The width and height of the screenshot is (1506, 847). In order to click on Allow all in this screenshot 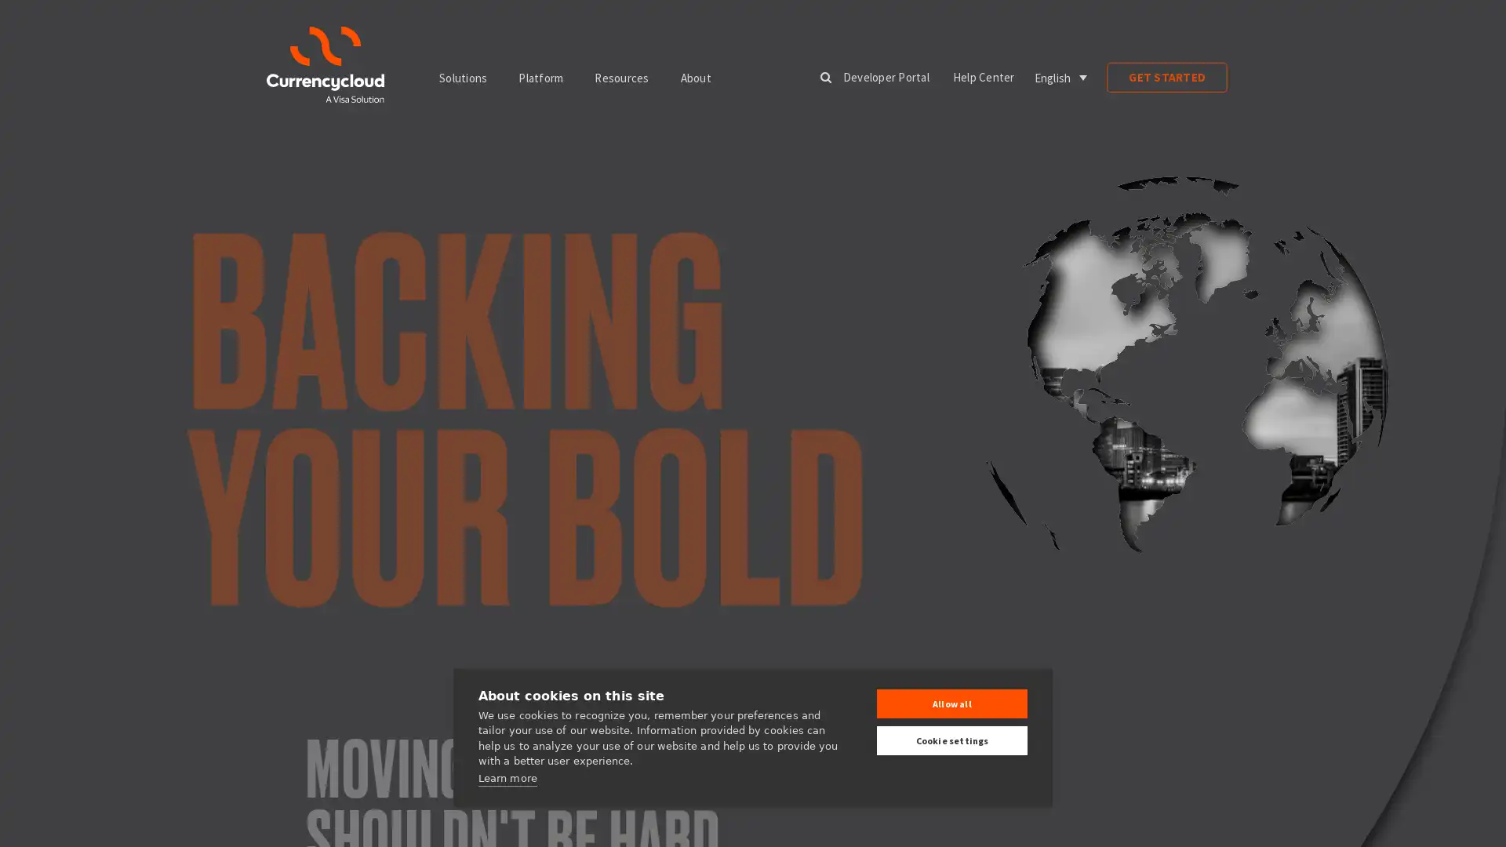, I will do `click(951, 703)`.